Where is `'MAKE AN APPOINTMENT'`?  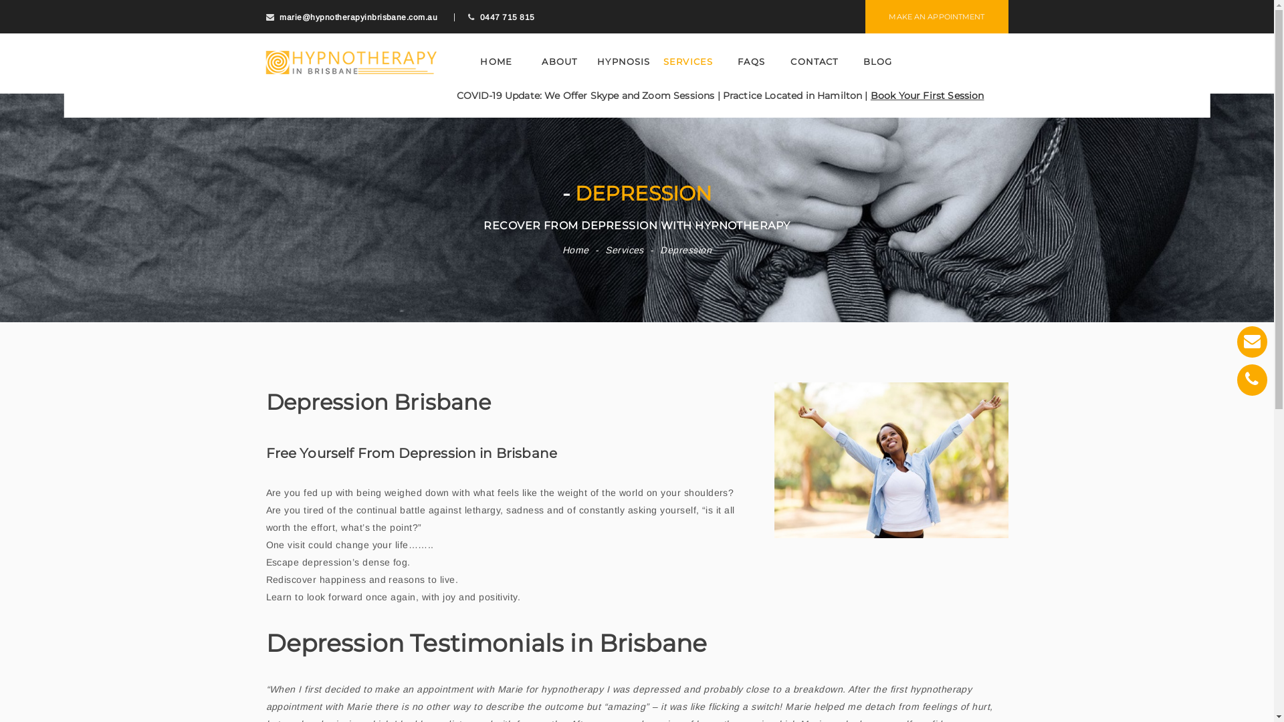 'MAKE AN APPOINTMENT' is located at coordinates (936, 16).